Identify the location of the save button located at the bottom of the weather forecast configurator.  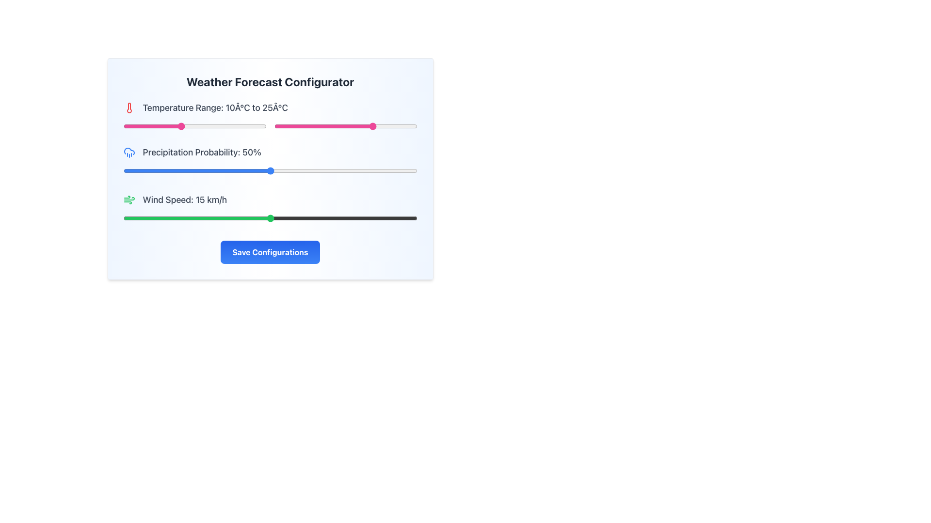
(270, 251).